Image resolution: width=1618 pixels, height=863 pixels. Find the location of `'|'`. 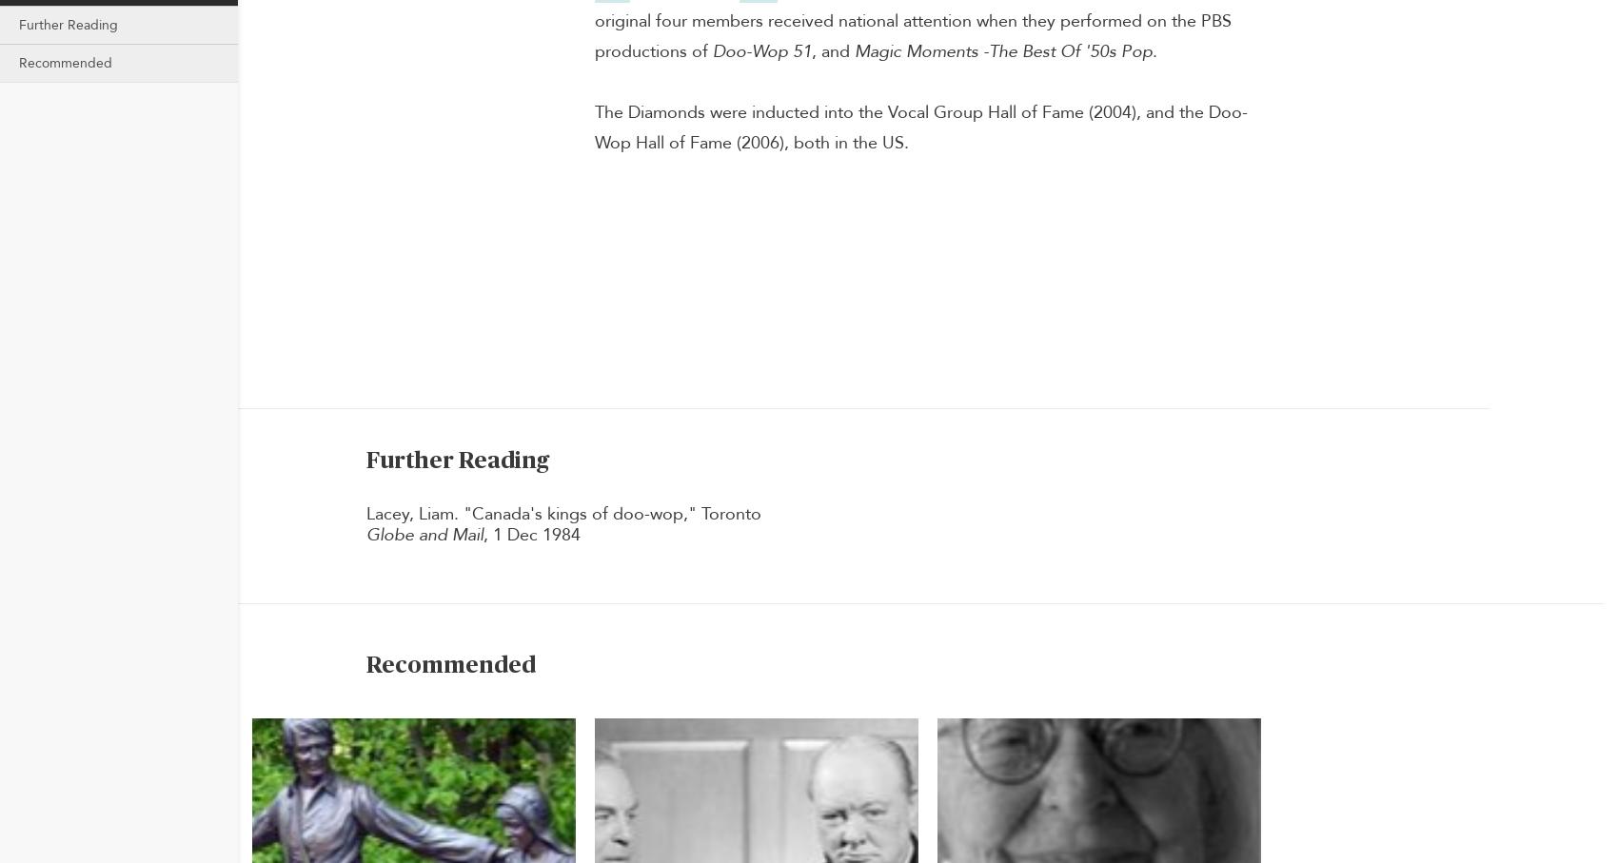

'|' is located at coordinates (359, 128).